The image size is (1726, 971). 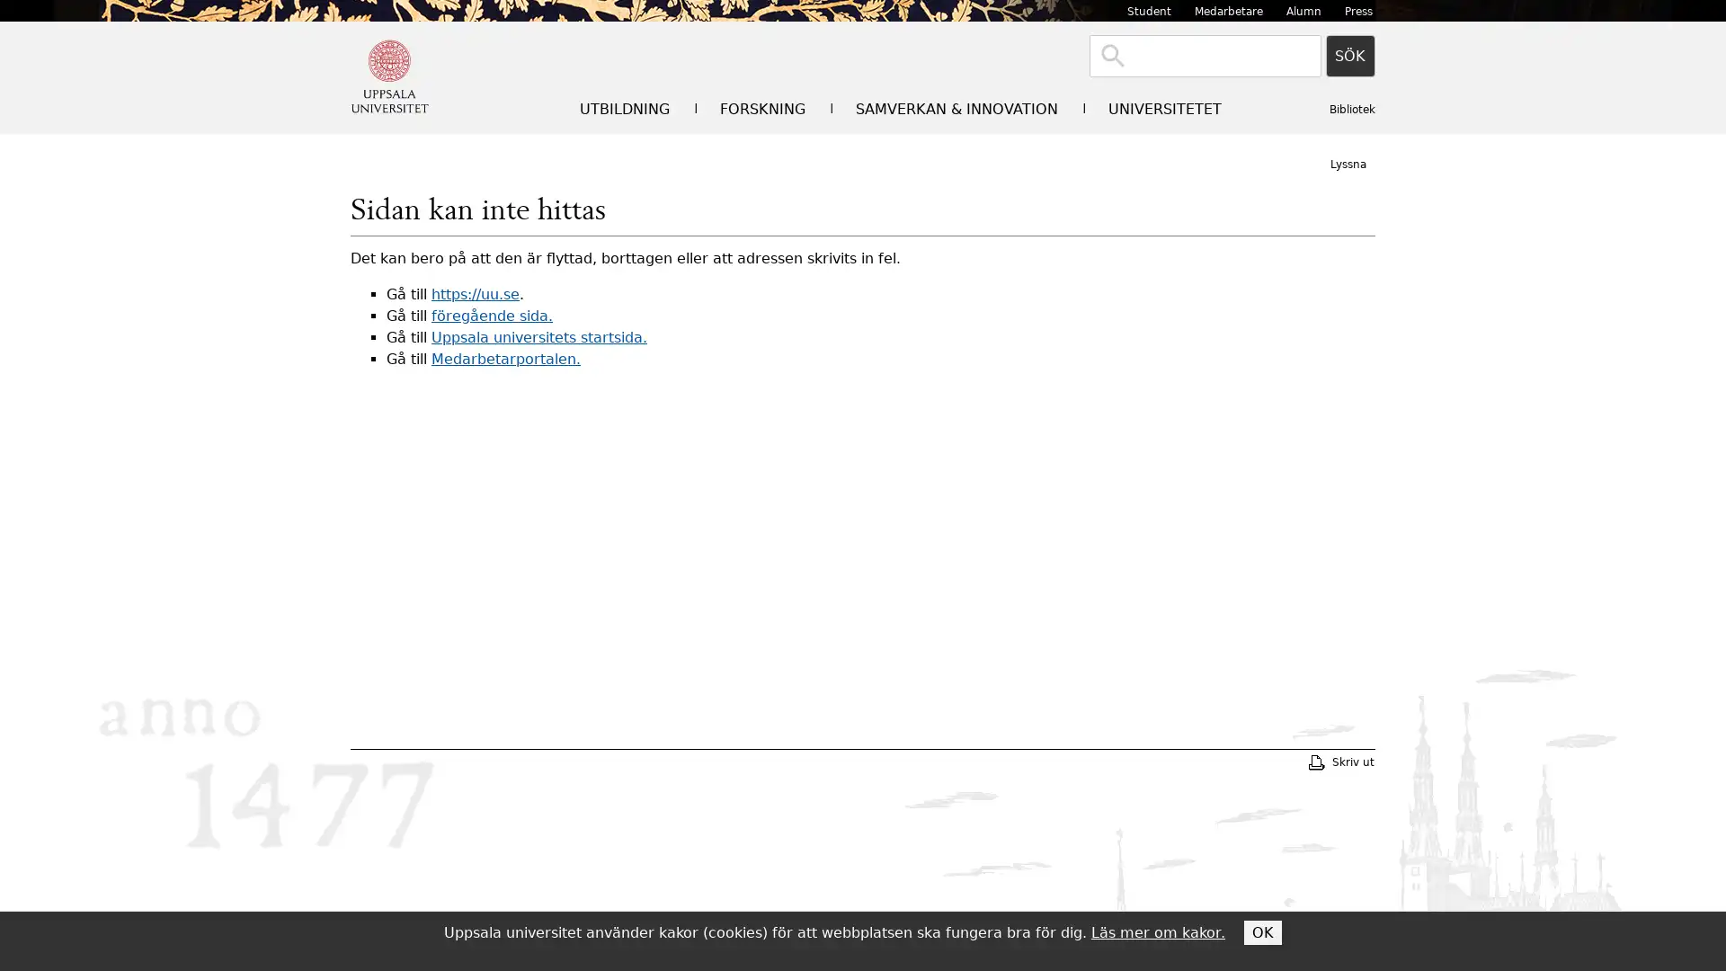 What do you see at coordinates (1350, 55) in the screenshot?
I see `Sok` at bounding box center [1350, 55].